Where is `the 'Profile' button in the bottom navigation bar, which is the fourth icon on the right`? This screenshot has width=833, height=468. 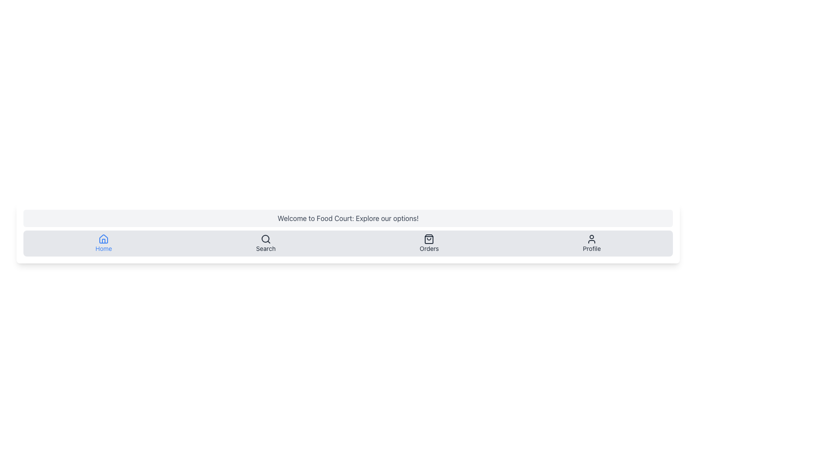 the 'Profile' button in the bottom navigation bar, which is the fourth icon on the right is located at coordinates (591, 244).